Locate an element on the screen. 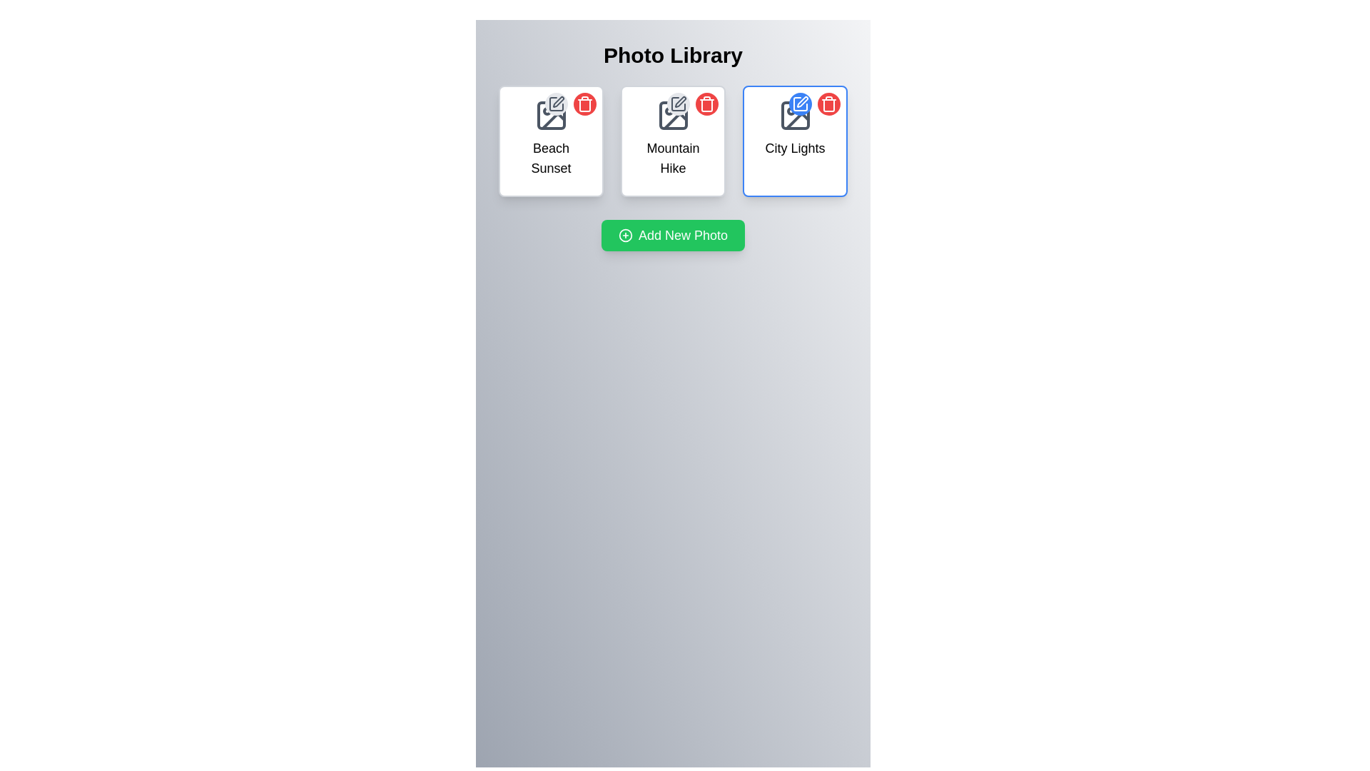  the red circular delete button with a white trashcan icon located in the top-right corner of the 'City Lights' photo item is located at coordinates (828, 104).